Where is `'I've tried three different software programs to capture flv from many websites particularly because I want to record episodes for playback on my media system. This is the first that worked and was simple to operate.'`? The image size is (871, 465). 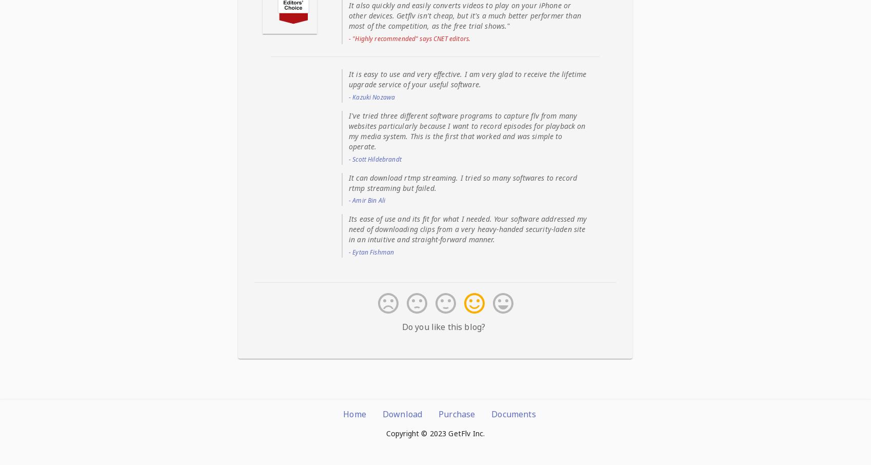 'I've tried three different software programs to capture flv from many websites particularly because I want to record episodes for playback on my media system. This is the first that worked and was simple to operate.' is located at coordinates (466, 425).